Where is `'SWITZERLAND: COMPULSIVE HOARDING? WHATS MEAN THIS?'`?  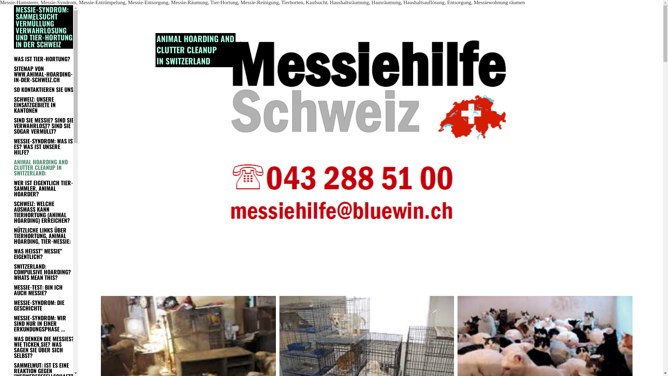 'SWITZERLAND: COMPULSIVE HOARDING? WHATS MEAN THIS?' is located at coordinates (44, 271).